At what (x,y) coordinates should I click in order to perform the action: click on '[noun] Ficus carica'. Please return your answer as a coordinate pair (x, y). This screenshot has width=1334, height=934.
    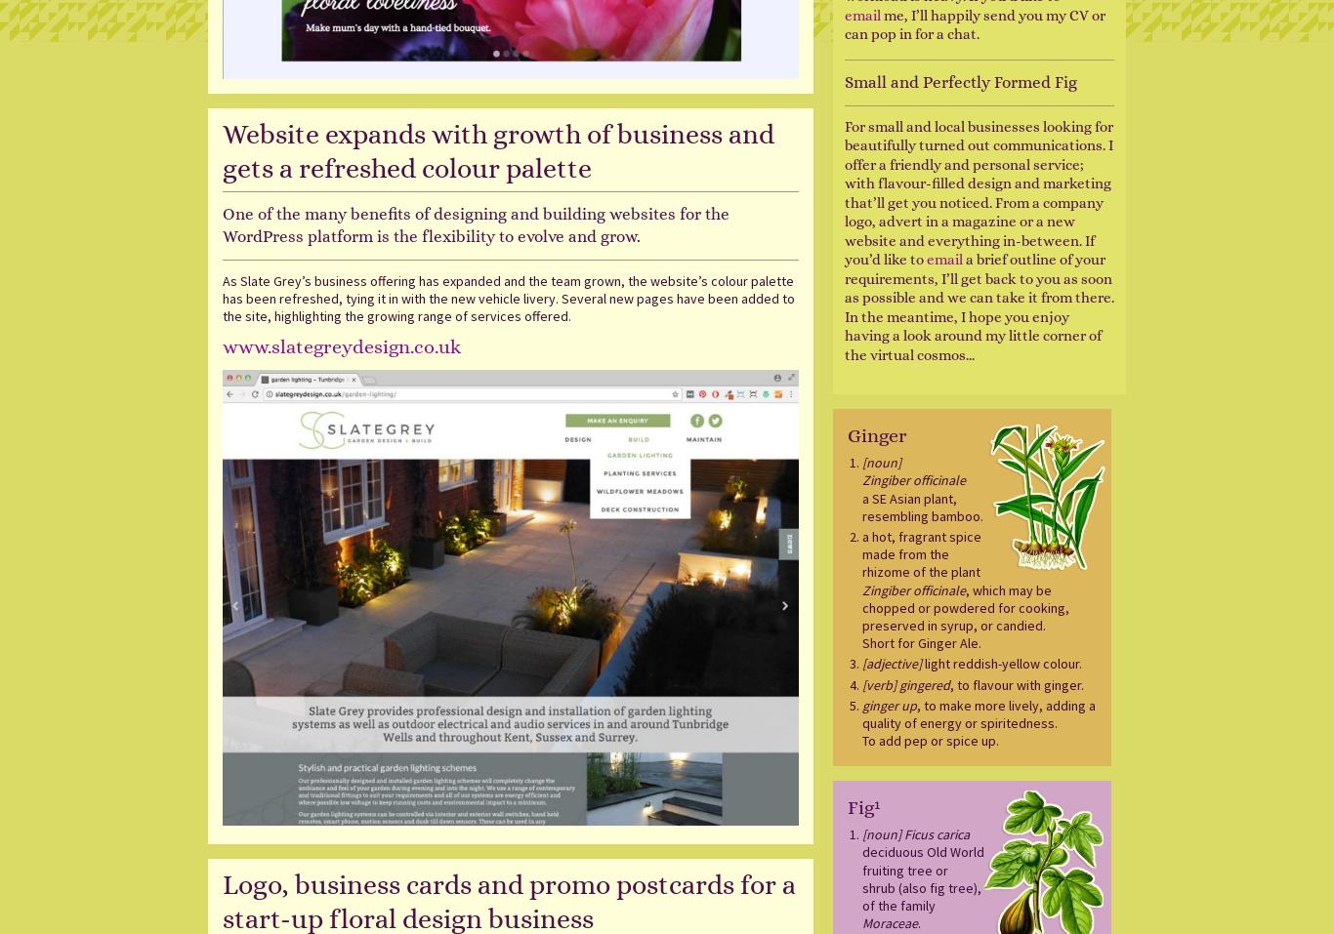
    Looking at the image, I should click on (914, 832).